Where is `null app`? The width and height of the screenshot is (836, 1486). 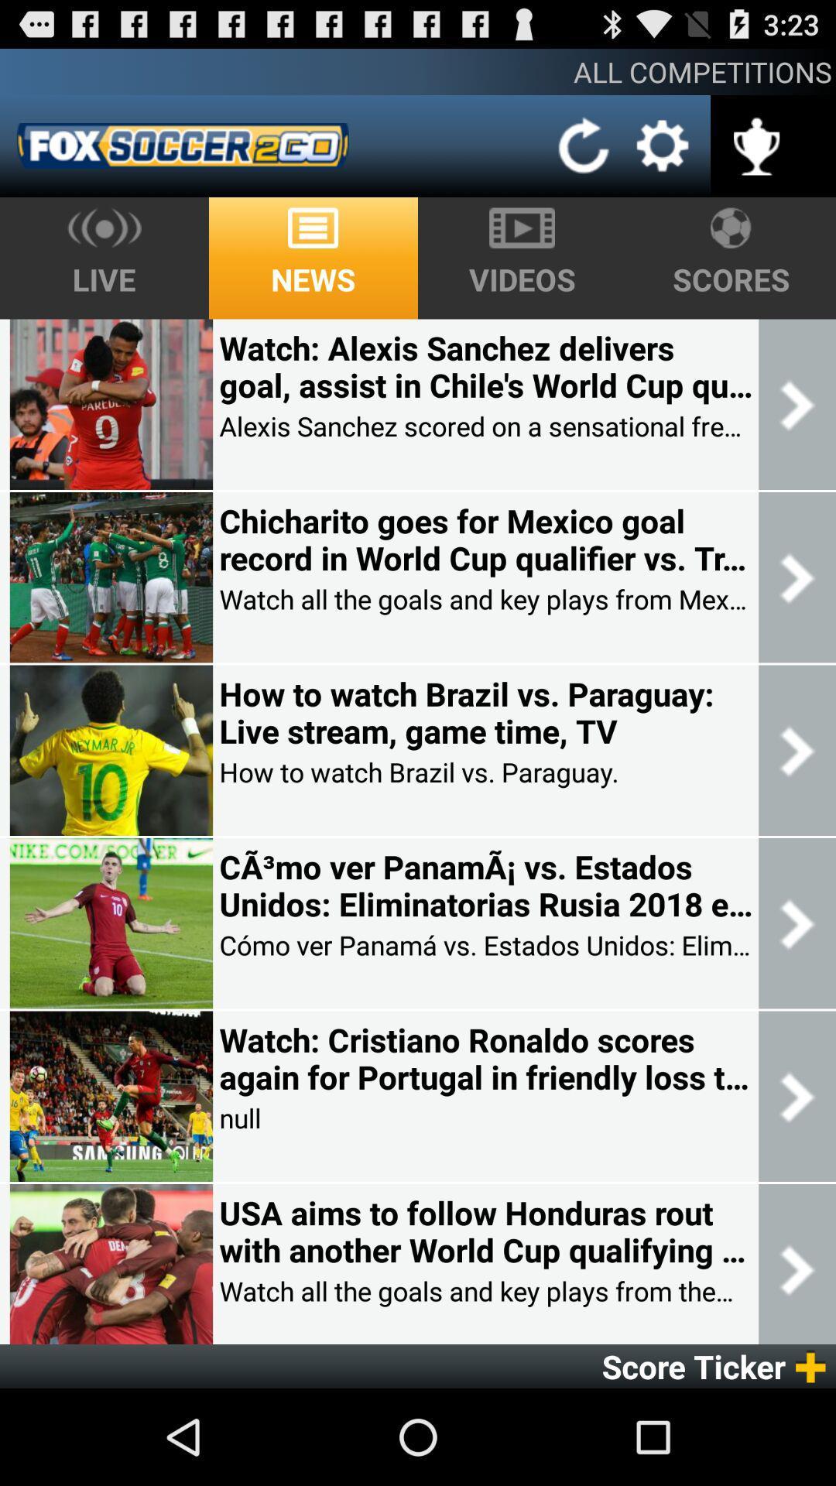 null app is located at coordinates (240, 1118).